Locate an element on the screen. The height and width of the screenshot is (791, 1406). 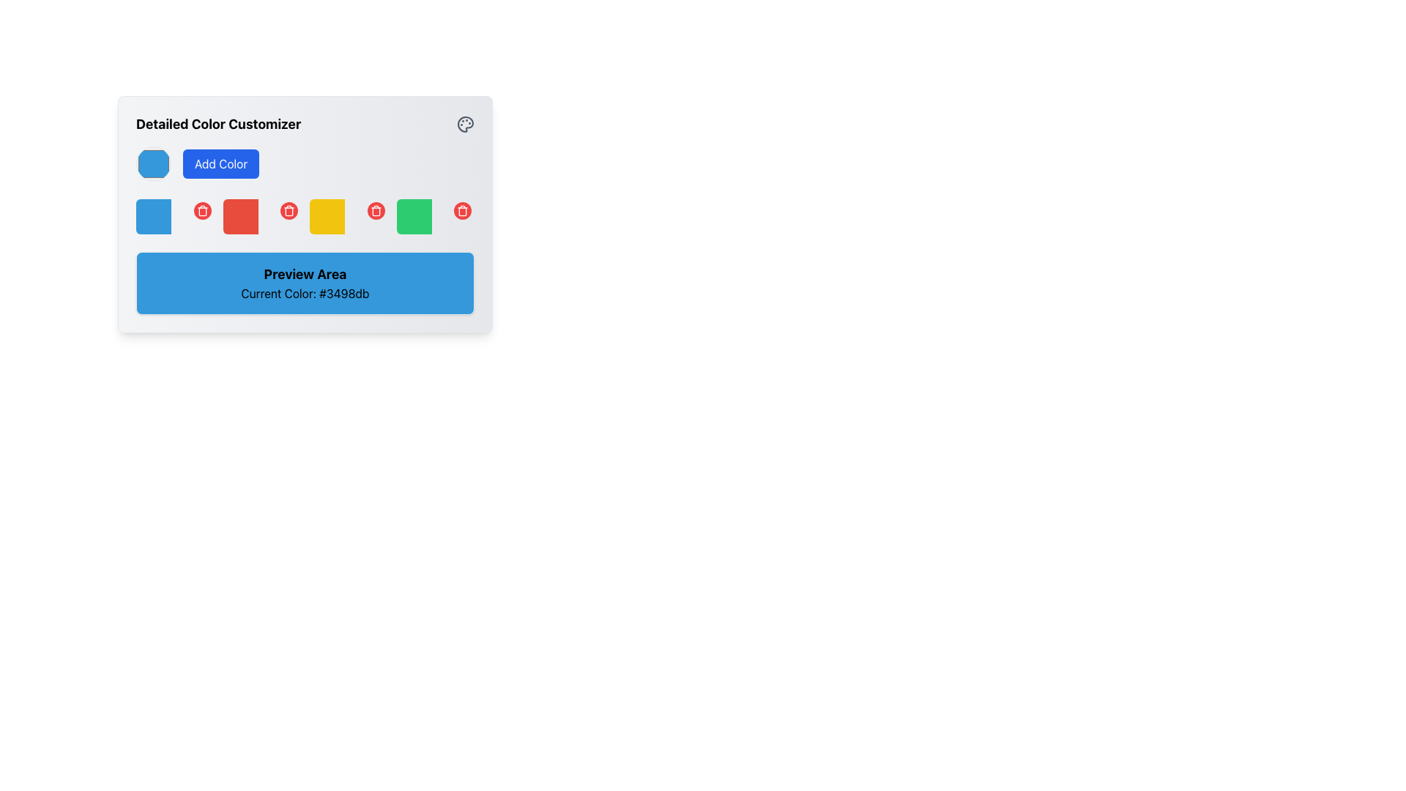
the red color block element, which is a rectangular element with rounded corners located in the second column of a grid row below the 'Detailed Color Customizer' section is located at coordinates (261, 217).